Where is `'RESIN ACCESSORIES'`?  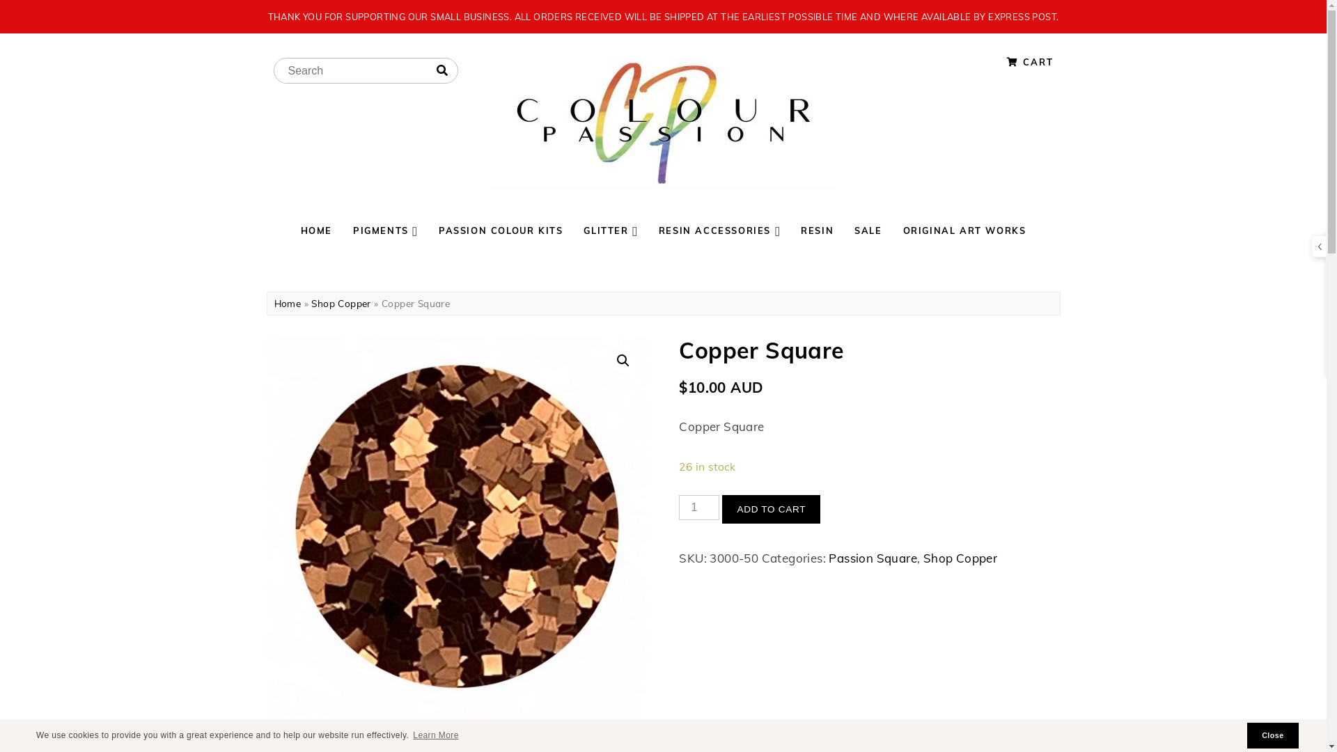
'RESIN ACCESSORIES' is located at coordinates (648, 230).